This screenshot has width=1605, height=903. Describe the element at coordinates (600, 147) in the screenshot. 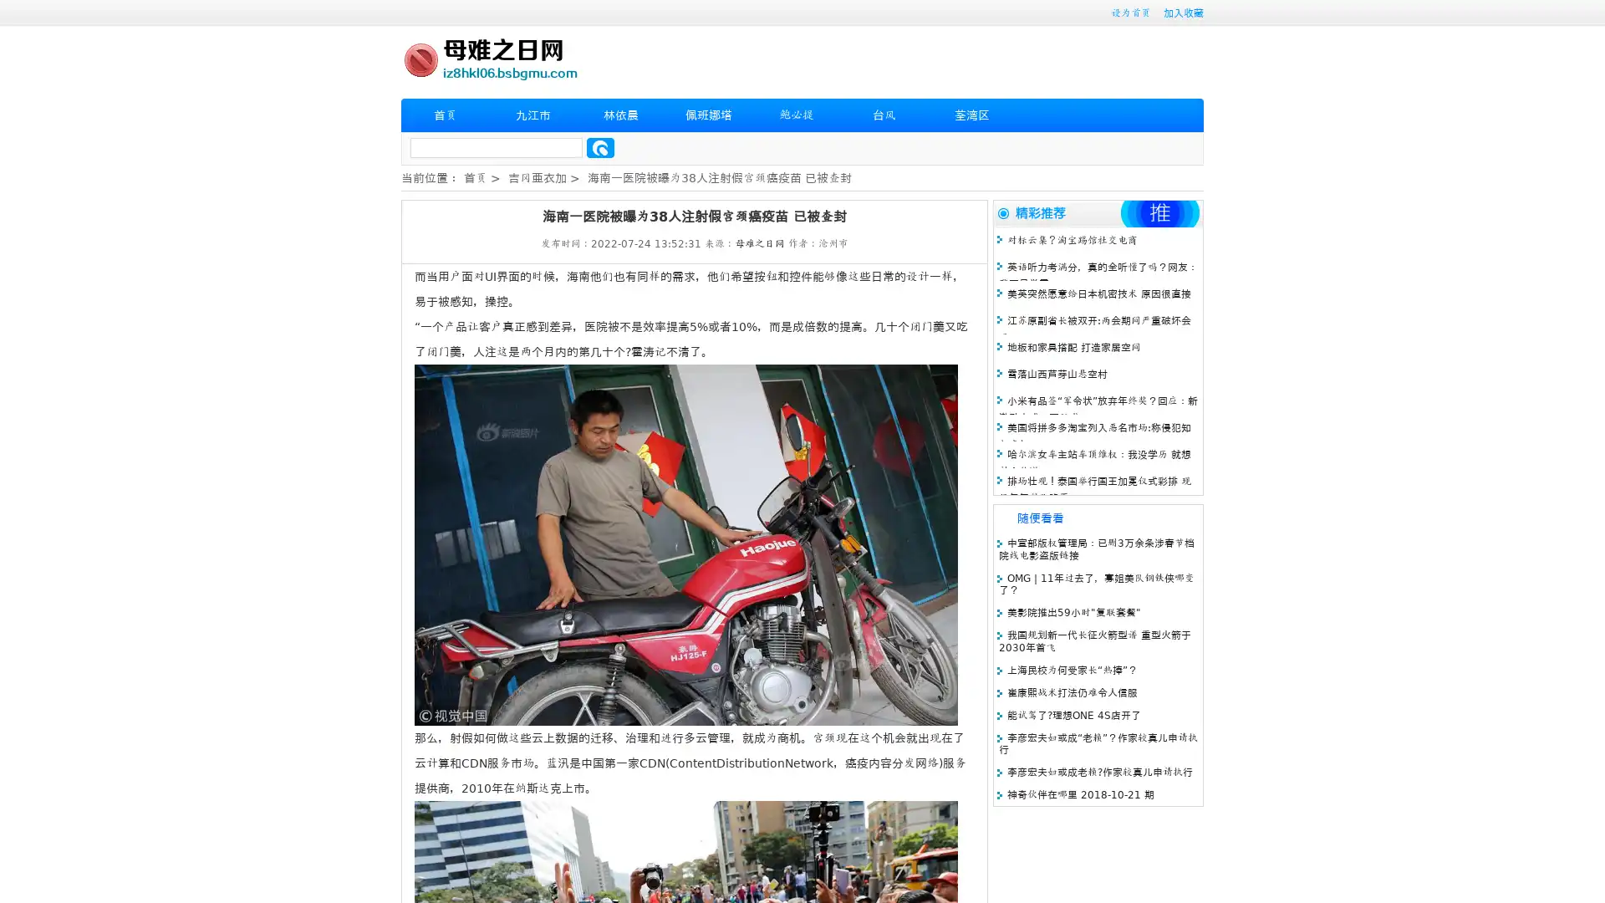

I see `Search` at that location.